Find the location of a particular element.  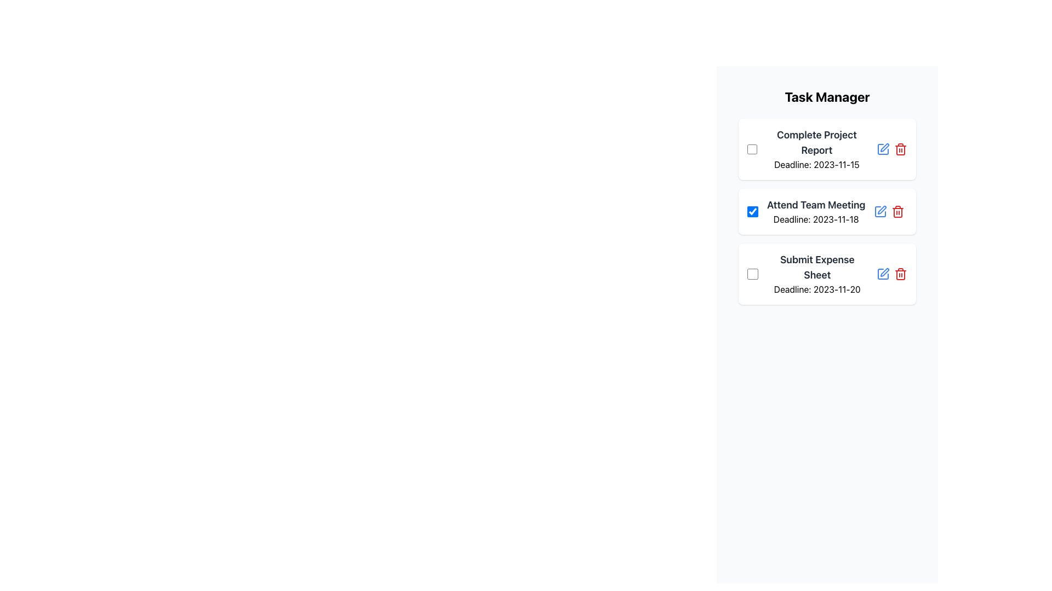

the checkbox component is located at coordinates (752, 274).